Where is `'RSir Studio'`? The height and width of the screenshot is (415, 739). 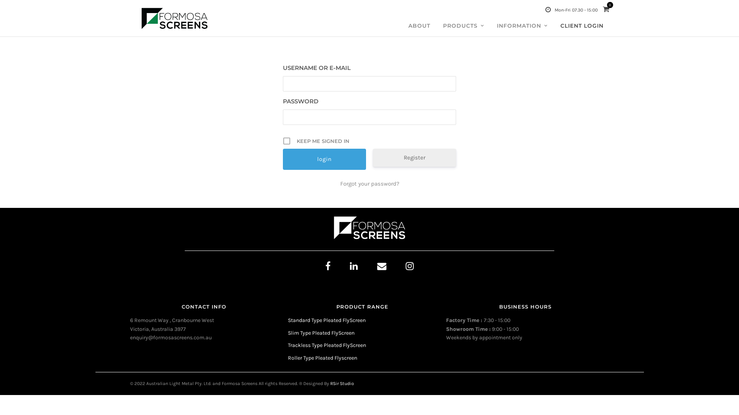 'RSir Studio' is located at coordinates (341, 383).